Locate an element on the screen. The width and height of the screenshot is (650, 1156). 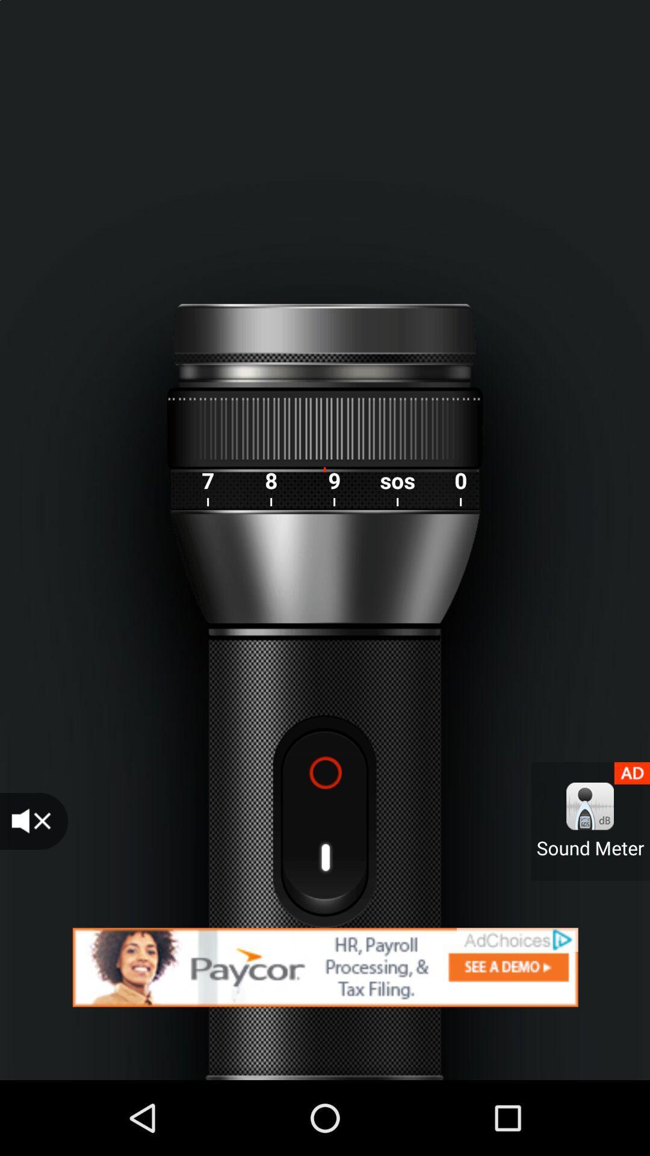
off on is located at coordinates (324, 821).